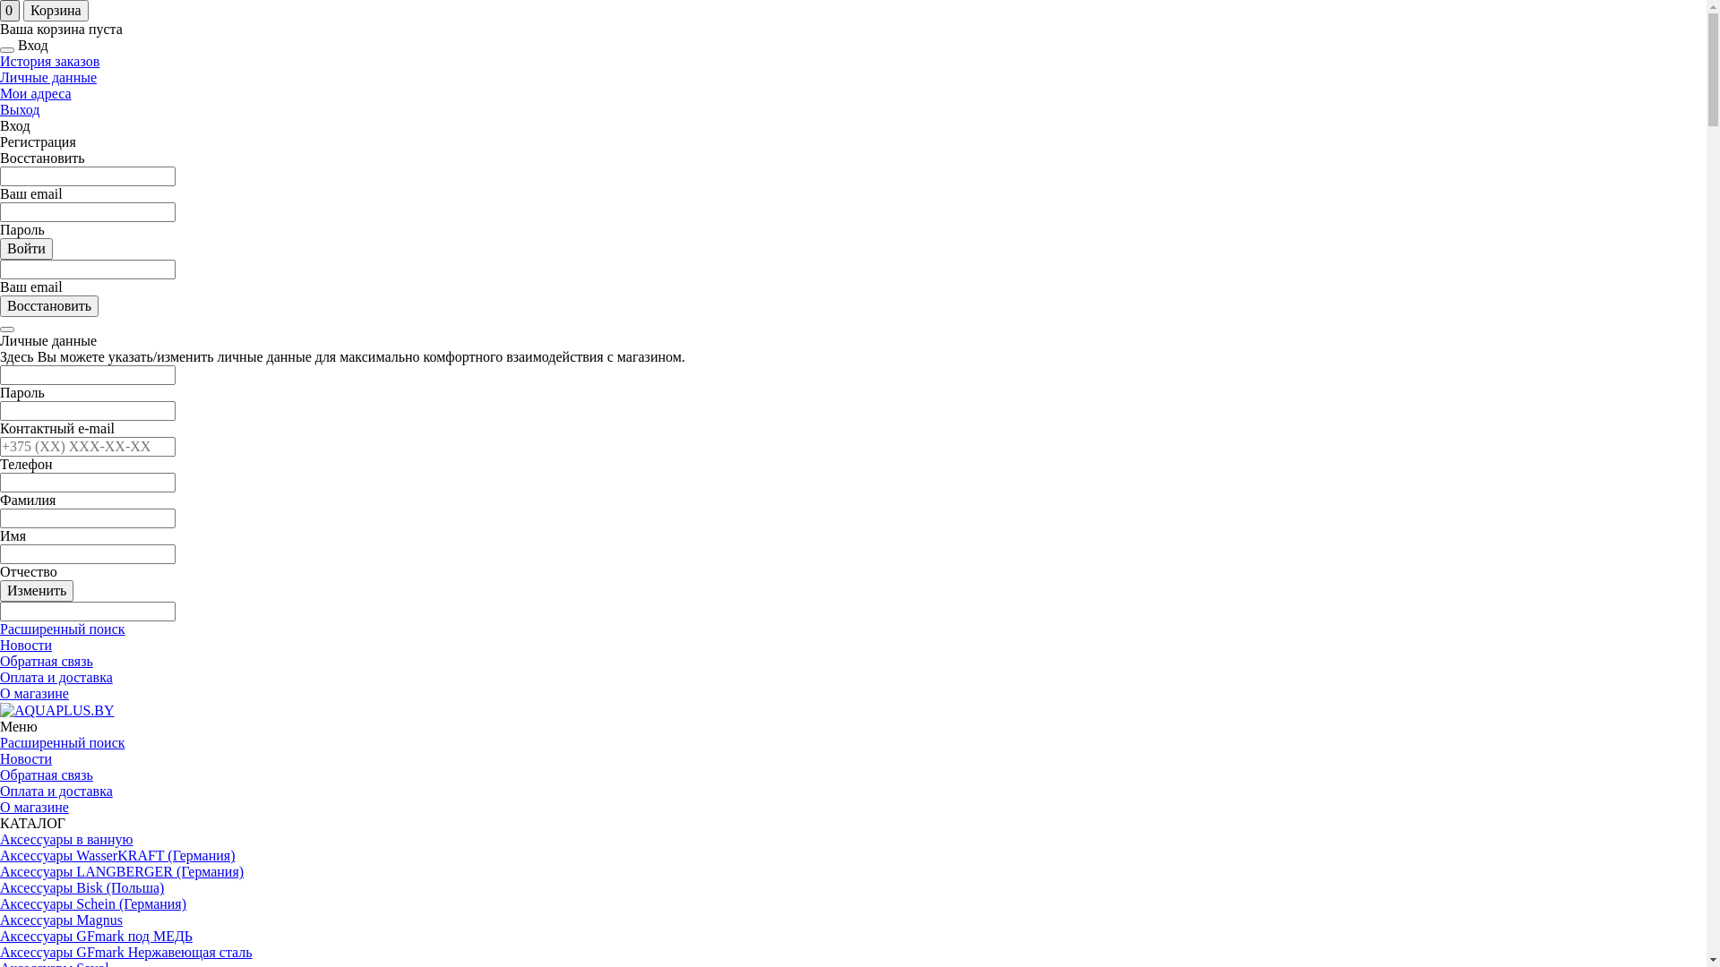 The height and width of the screenshot is (967, 1720). I want to click on '0', so click(9, 10).